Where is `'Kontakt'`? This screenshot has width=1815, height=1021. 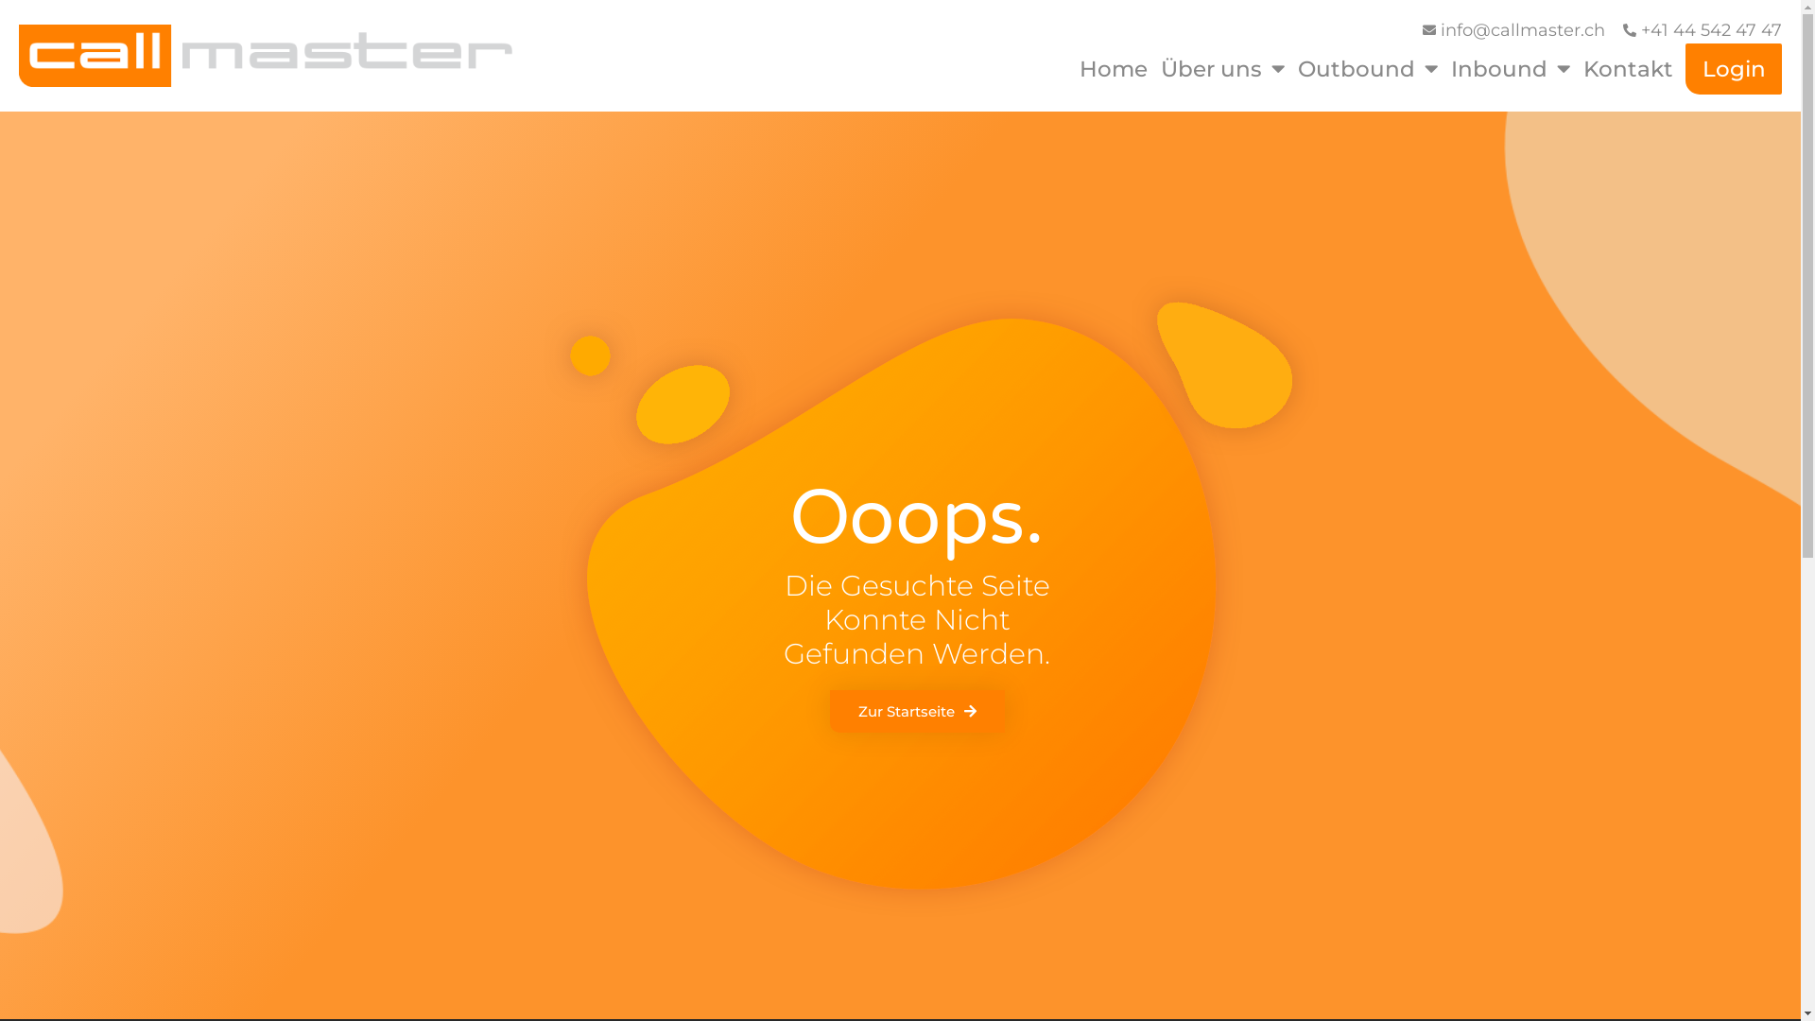 'Kontakt' is located at coordinates (1580, 68).